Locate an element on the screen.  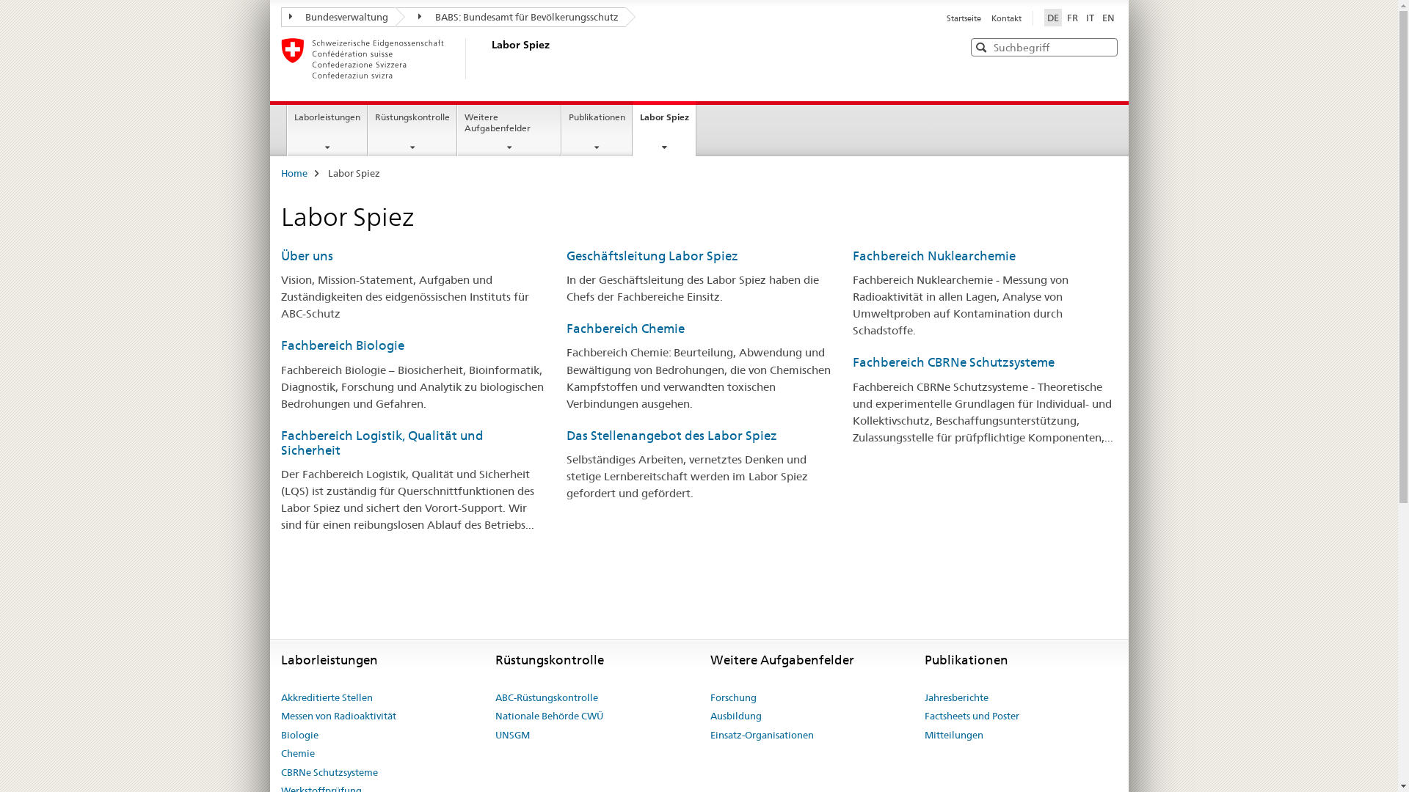
'Fachbereich CBRNe Schutzsysteme' is located at coordinates (953, 362).